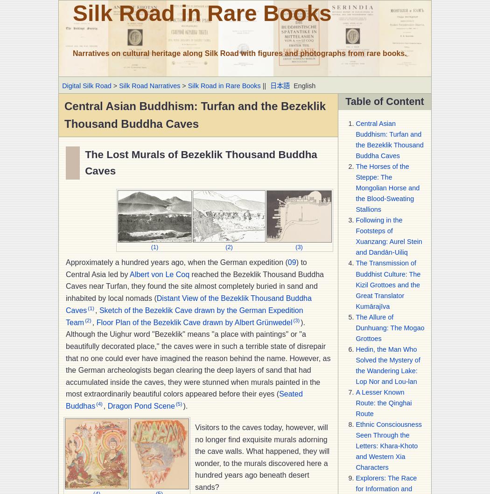  Describe the element at coordinates (262, 456) in the screenshot. I see `'Visitors to the caves today, however, will no longer find exquisite murals adorning the cave walls. What happened, they will wonder, to the murals discovered here a hundred years ago beneath desert sands?'` at that location.